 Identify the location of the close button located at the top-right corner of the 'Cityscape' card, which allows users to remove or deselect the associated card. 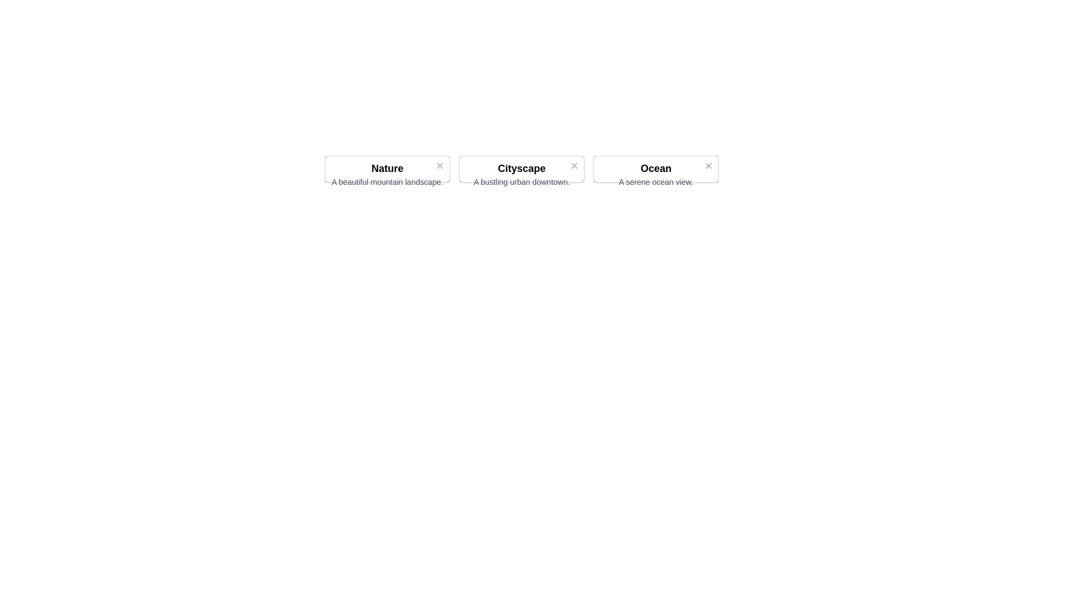
(574, 167).